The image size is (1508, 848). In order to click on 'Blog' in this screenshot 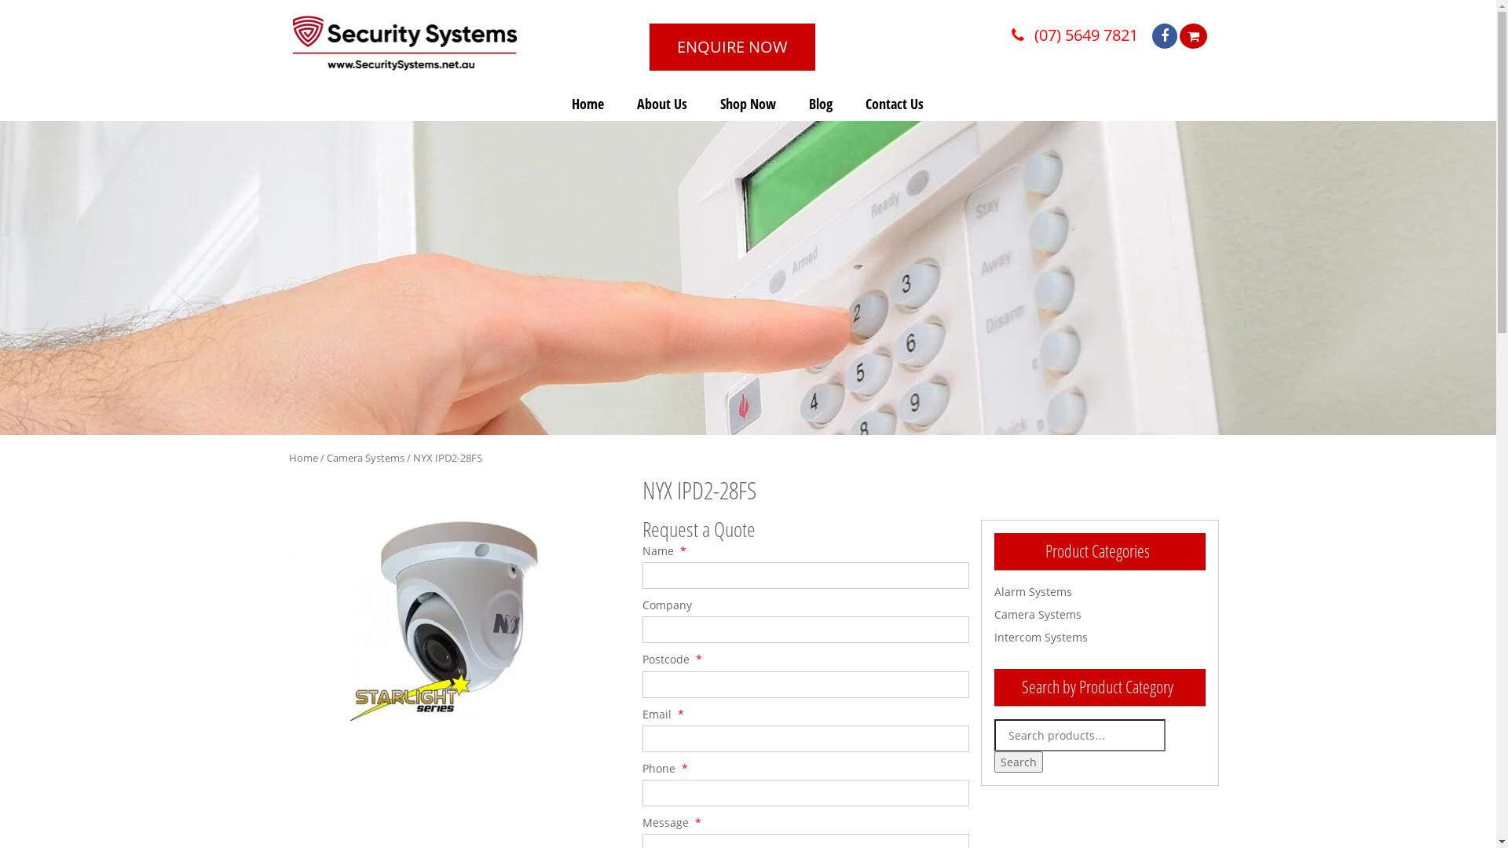, I will do `click(820, 103)`.